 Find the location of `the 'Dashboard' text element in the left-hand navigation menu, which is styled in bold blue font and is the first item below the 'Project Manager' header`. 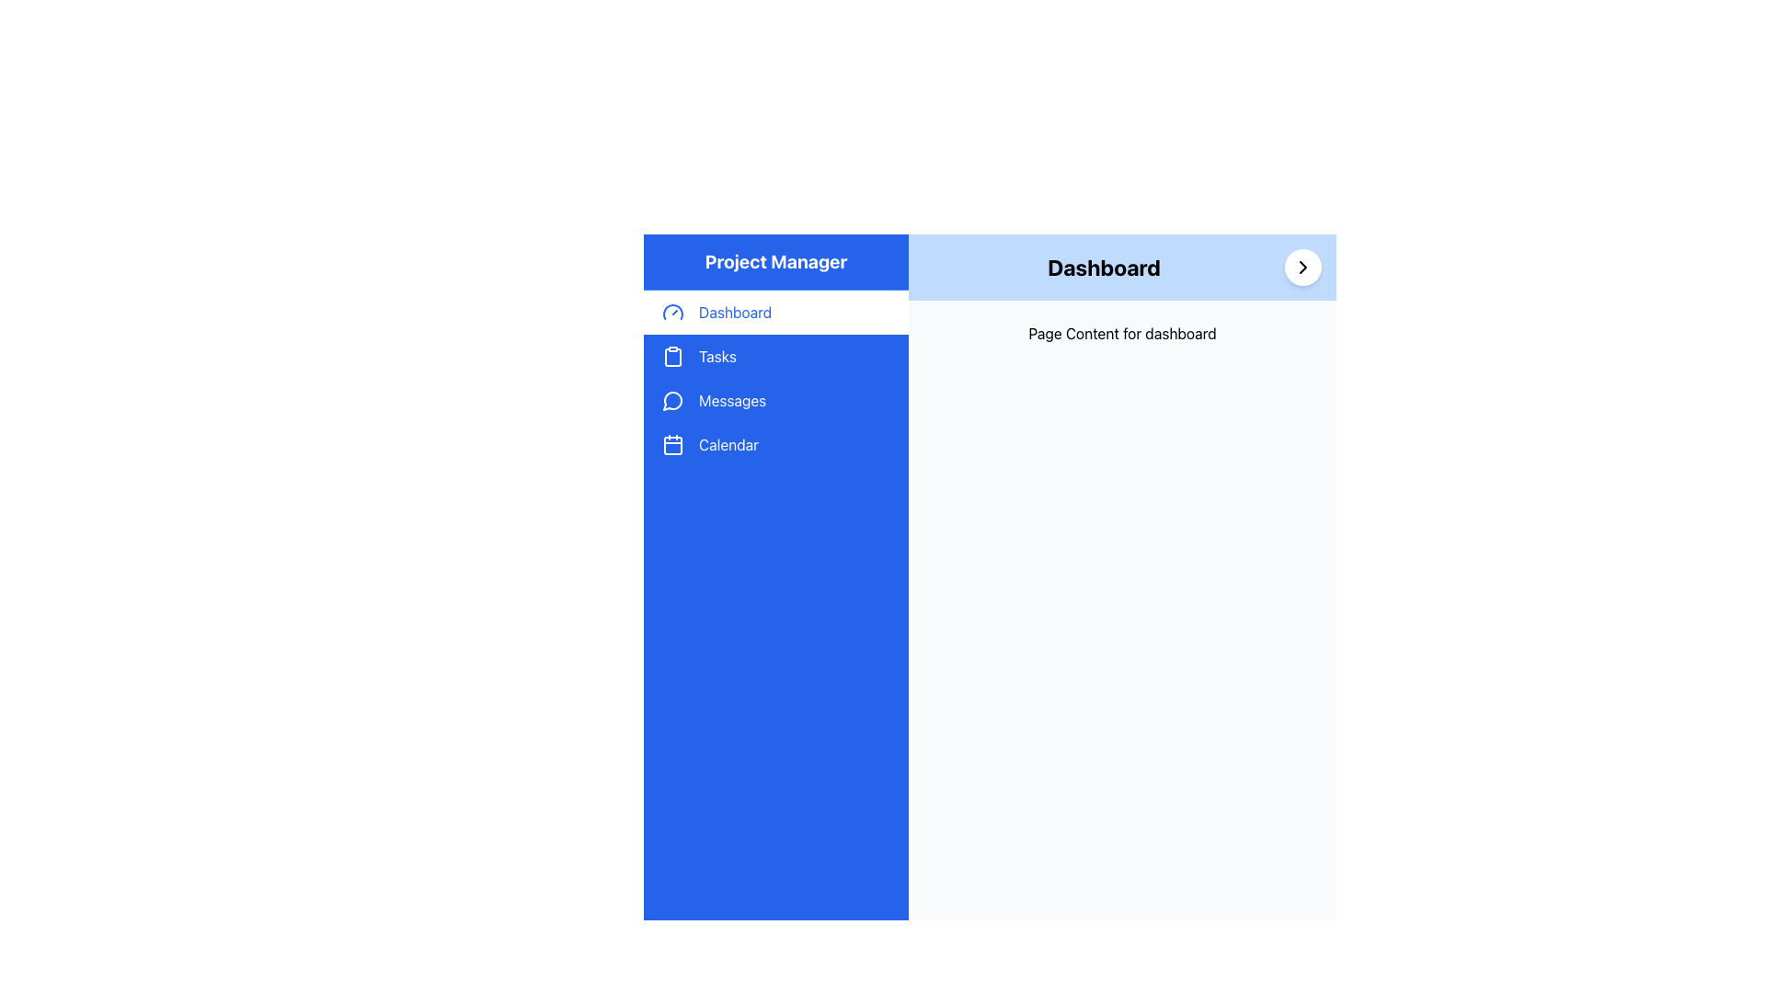

the 'Dashboard' text element in the left-hand navigation menu, which is styled in bold blue font and is the first item below the 'Project Manager' header is located at coordinates (734, 311).